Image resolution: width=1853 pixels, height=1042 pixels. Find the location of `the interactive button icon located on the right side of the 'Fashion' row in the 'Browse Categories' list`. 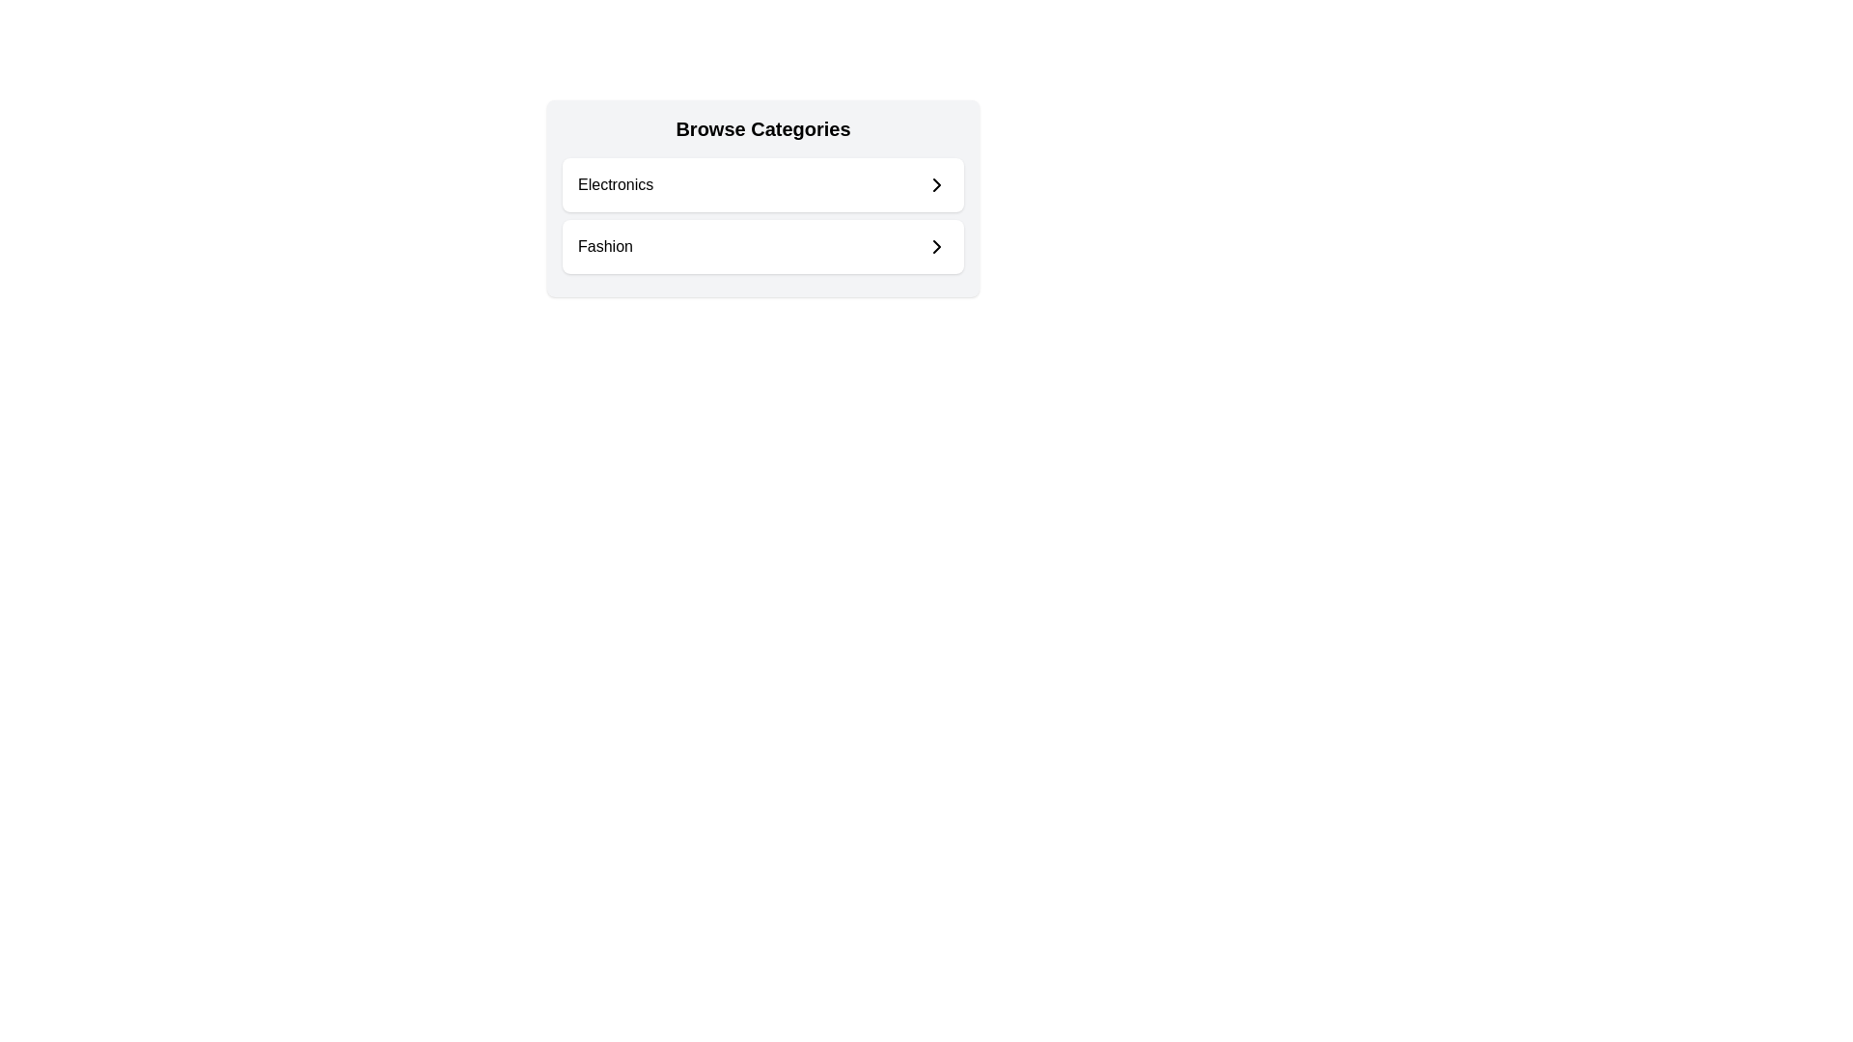

the interactive button icon located on the right side of the 'Fashion' row in the 'Browse Categories' list is located at coordinates (936, 245).